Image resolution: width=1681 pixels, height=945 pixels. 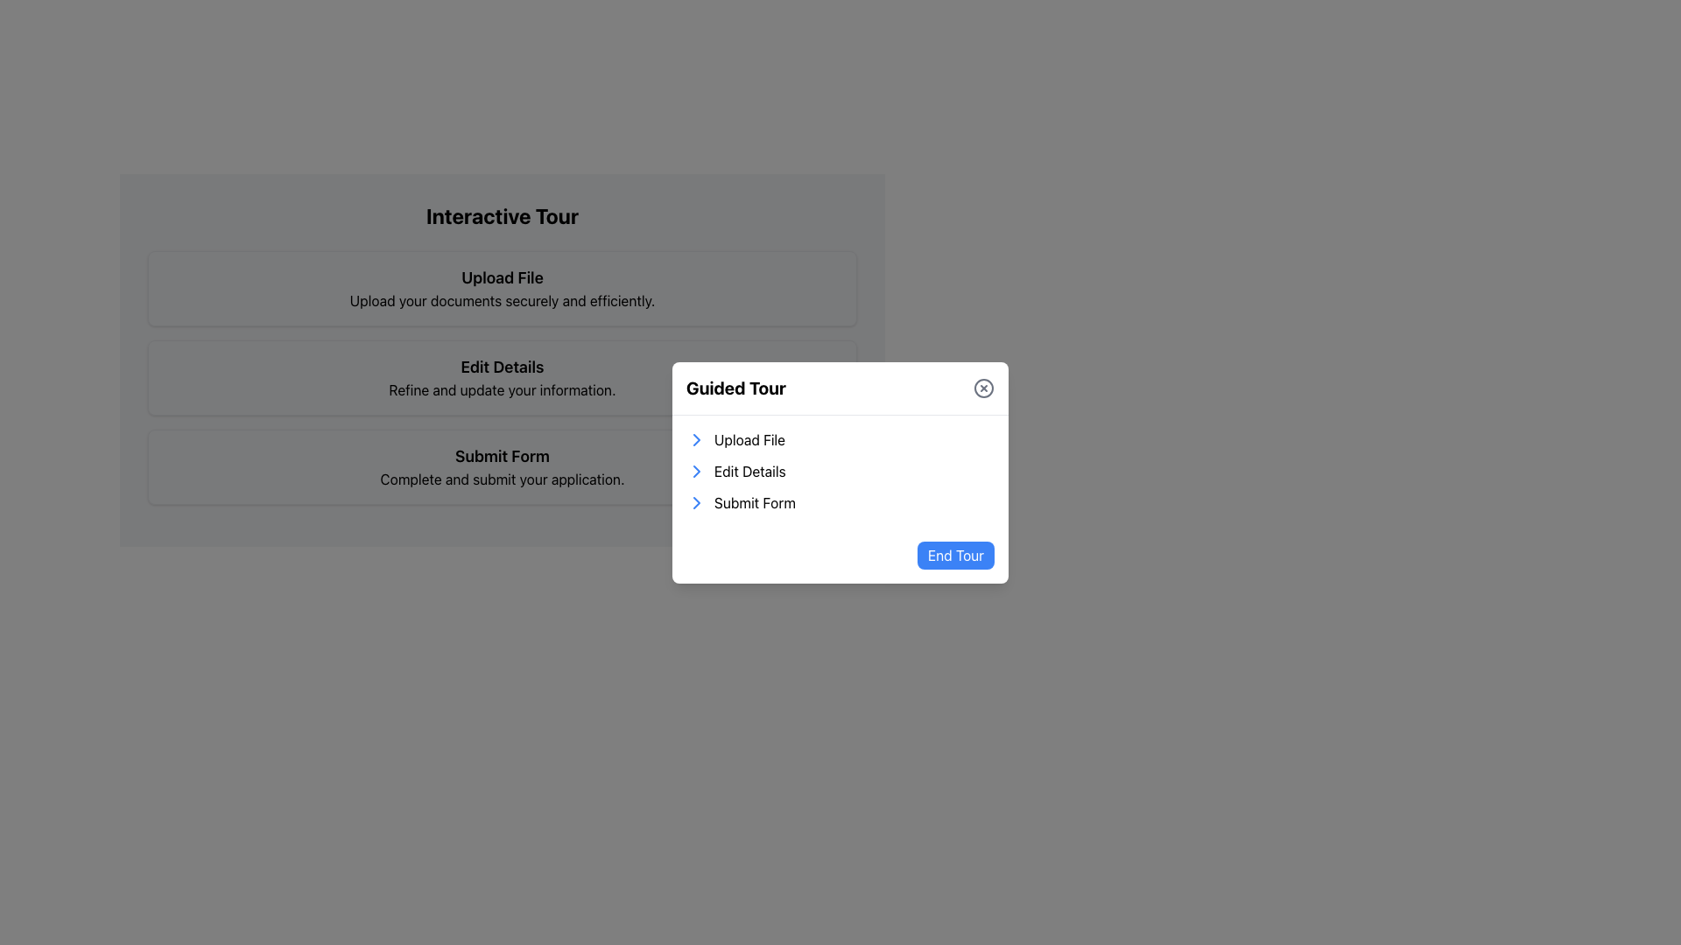 I want to click on the 'Submit Form' text label within the 'Guided Tour' modal, which is the last item in a vertical list of options, so click(x=755, y=502).